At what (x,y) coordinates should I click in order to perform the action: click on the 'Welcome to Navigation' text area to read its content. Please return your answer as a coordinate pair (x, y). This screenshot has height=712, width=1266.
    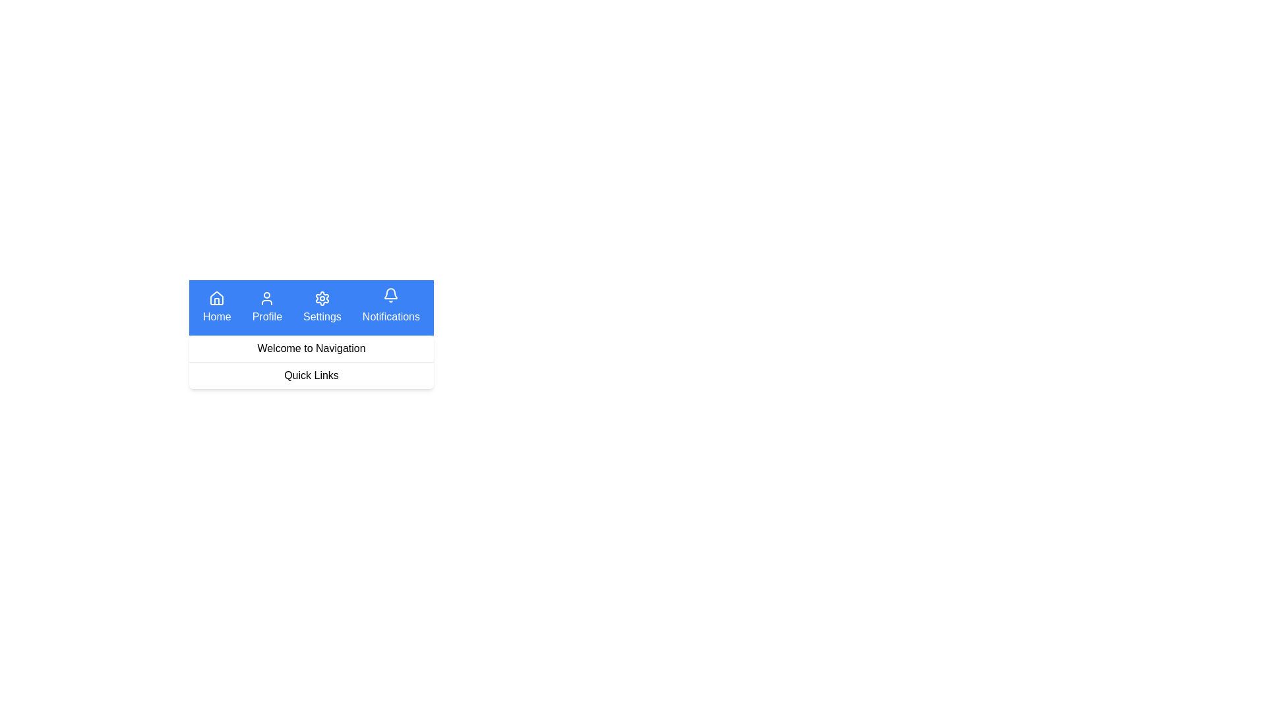
    Looking at the image, I should click on (311, 348).